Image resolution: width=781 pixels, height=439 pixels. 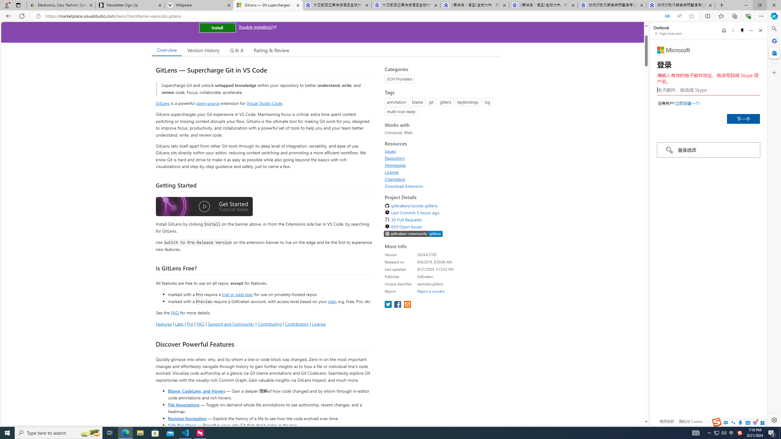 What do you see at coordinates (431, 291) in the screenshot?
I see `'Report a concern'` at bounding box center [431, 291].